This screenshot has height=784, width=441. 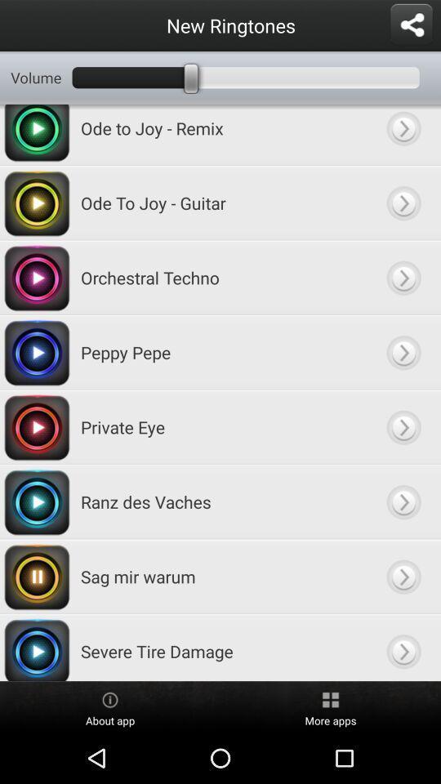 What do you see at coordinates (403, 352) in the screenshot?
I see `ringtone` at bounding box center [403, 352].